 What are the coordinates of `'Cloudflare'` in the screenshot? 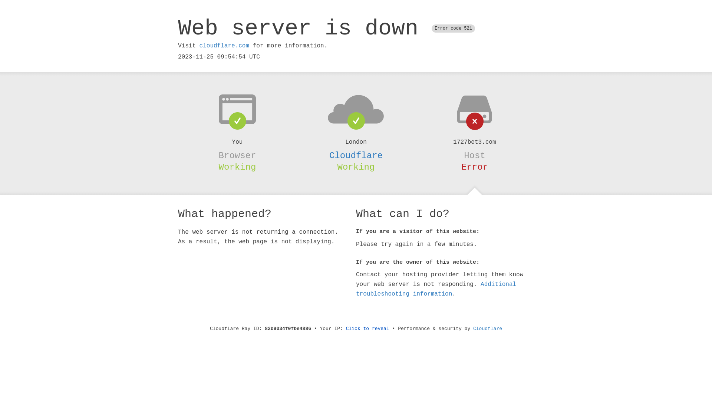 It's located at (356, 155).